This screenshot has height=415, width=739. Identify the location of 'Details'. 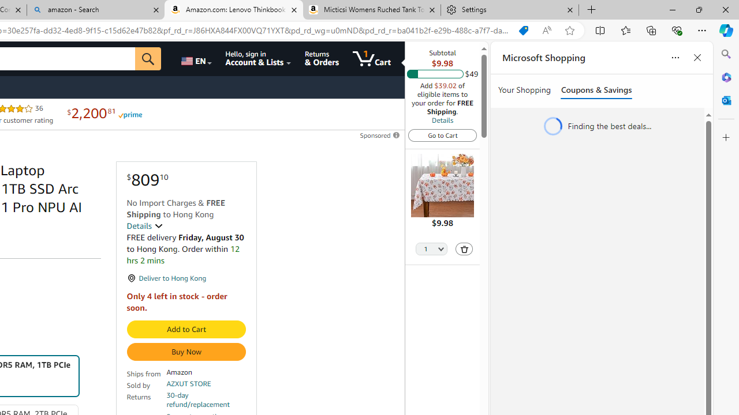
(442, 120).